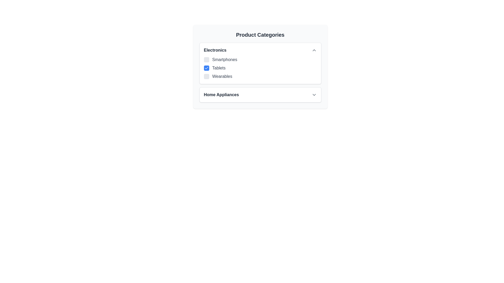 The height and width of the screenshot is (283, 504). Describe the element at coordinates (215, 50) in the screenshot. I see `the 'Electronics' text label, which is bold and dark gray, indicating it represents a category within the 'Product Categories' section` at that location.